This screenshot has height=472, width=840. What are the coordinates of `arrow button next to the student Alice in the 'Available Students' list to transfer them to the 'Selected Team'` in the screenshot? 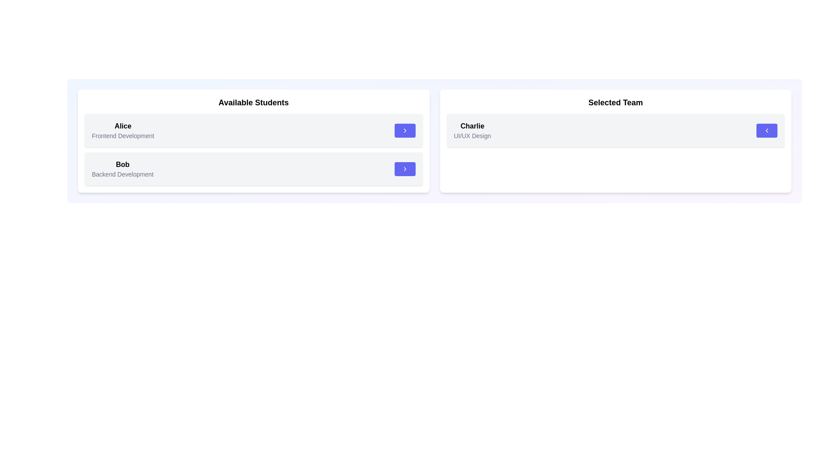 It's located at (404, 131).